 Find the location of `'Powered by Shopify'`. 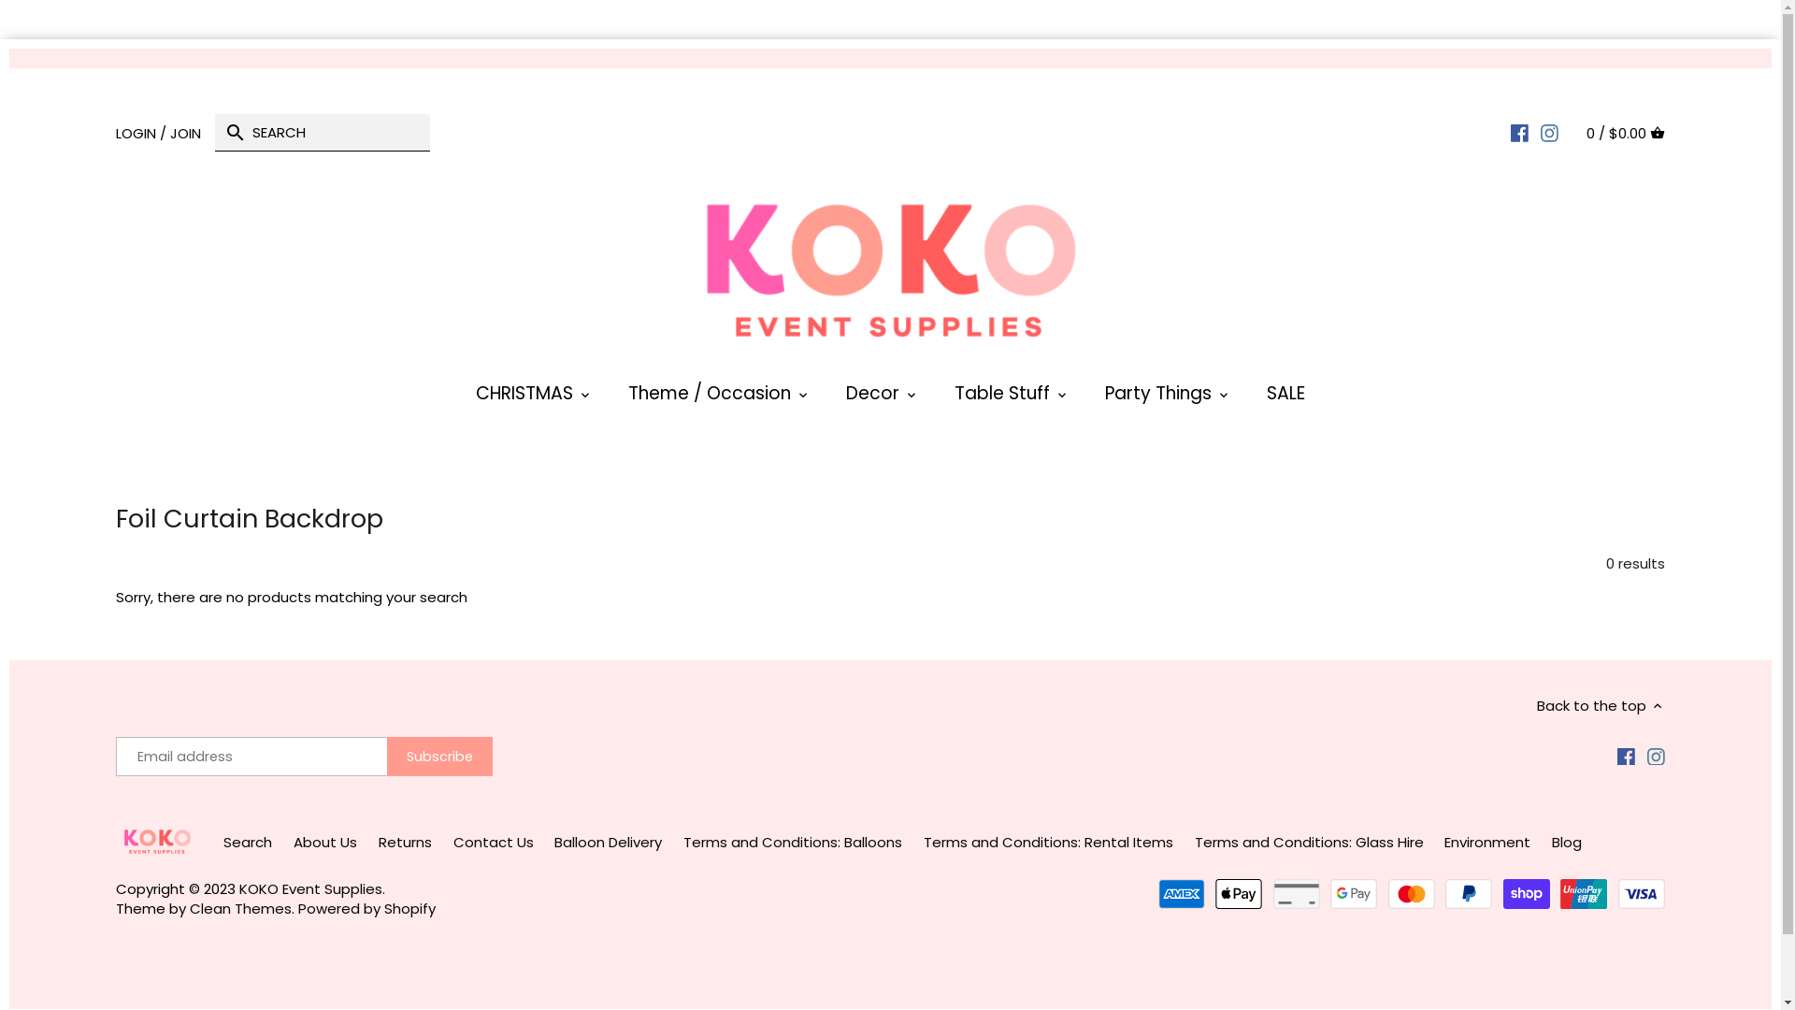

'Powered by Shopify' is located at coordinates (366, 907).